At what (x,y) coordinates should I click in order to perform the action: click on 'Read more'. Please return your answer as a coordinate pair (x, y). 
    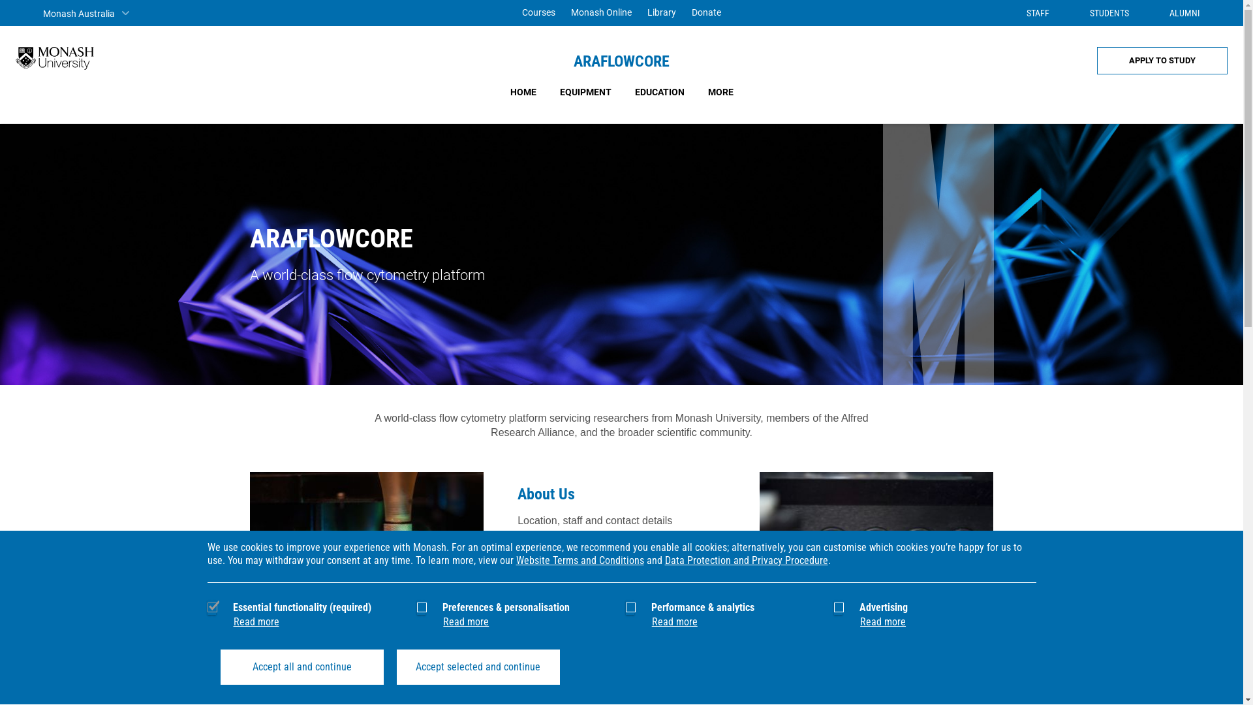
    Looking at the image, I should click on (674, 621).